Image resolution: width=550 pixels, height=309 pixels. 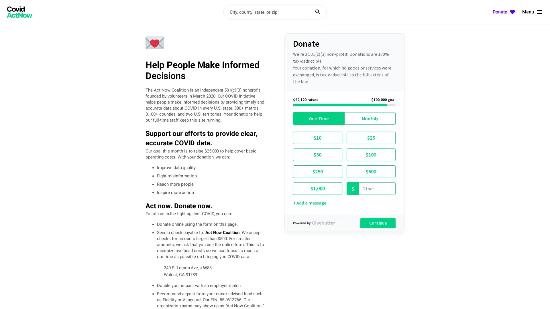 What do you see at coordinates (532, 12) in the screenshot?
I see `Menu` at bounding box center [532, 12].